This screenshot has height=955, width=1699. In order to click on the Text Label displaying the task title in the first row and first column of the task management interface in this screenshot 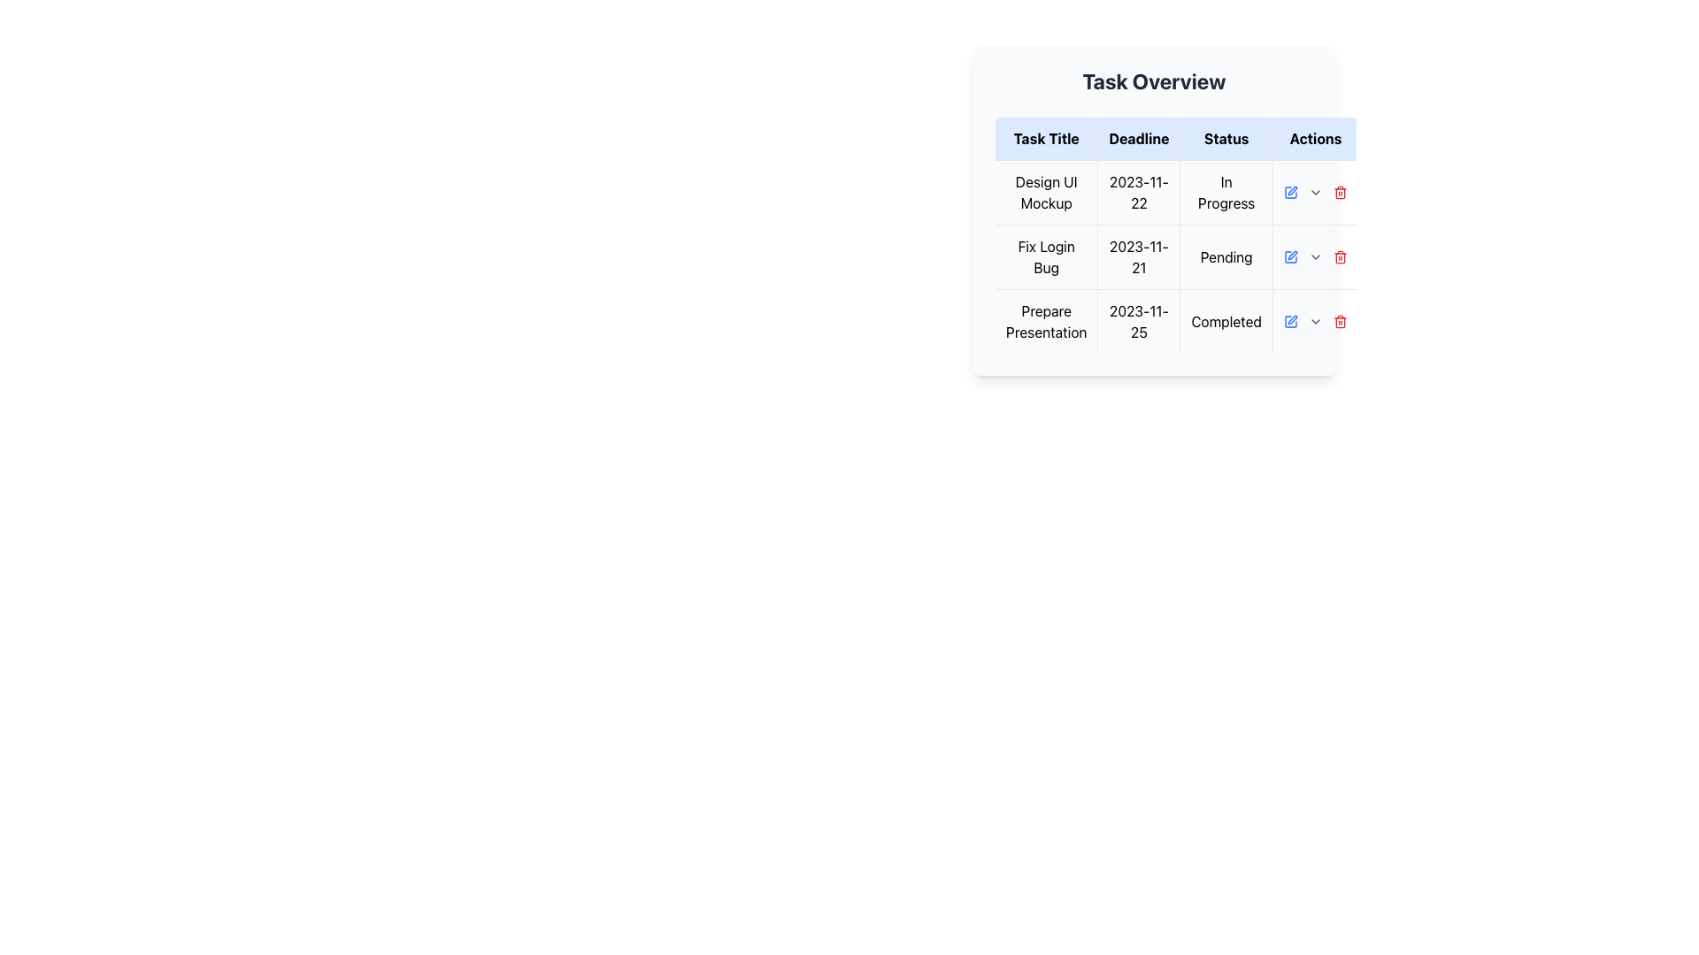, I will do `click(1046, 193)`.